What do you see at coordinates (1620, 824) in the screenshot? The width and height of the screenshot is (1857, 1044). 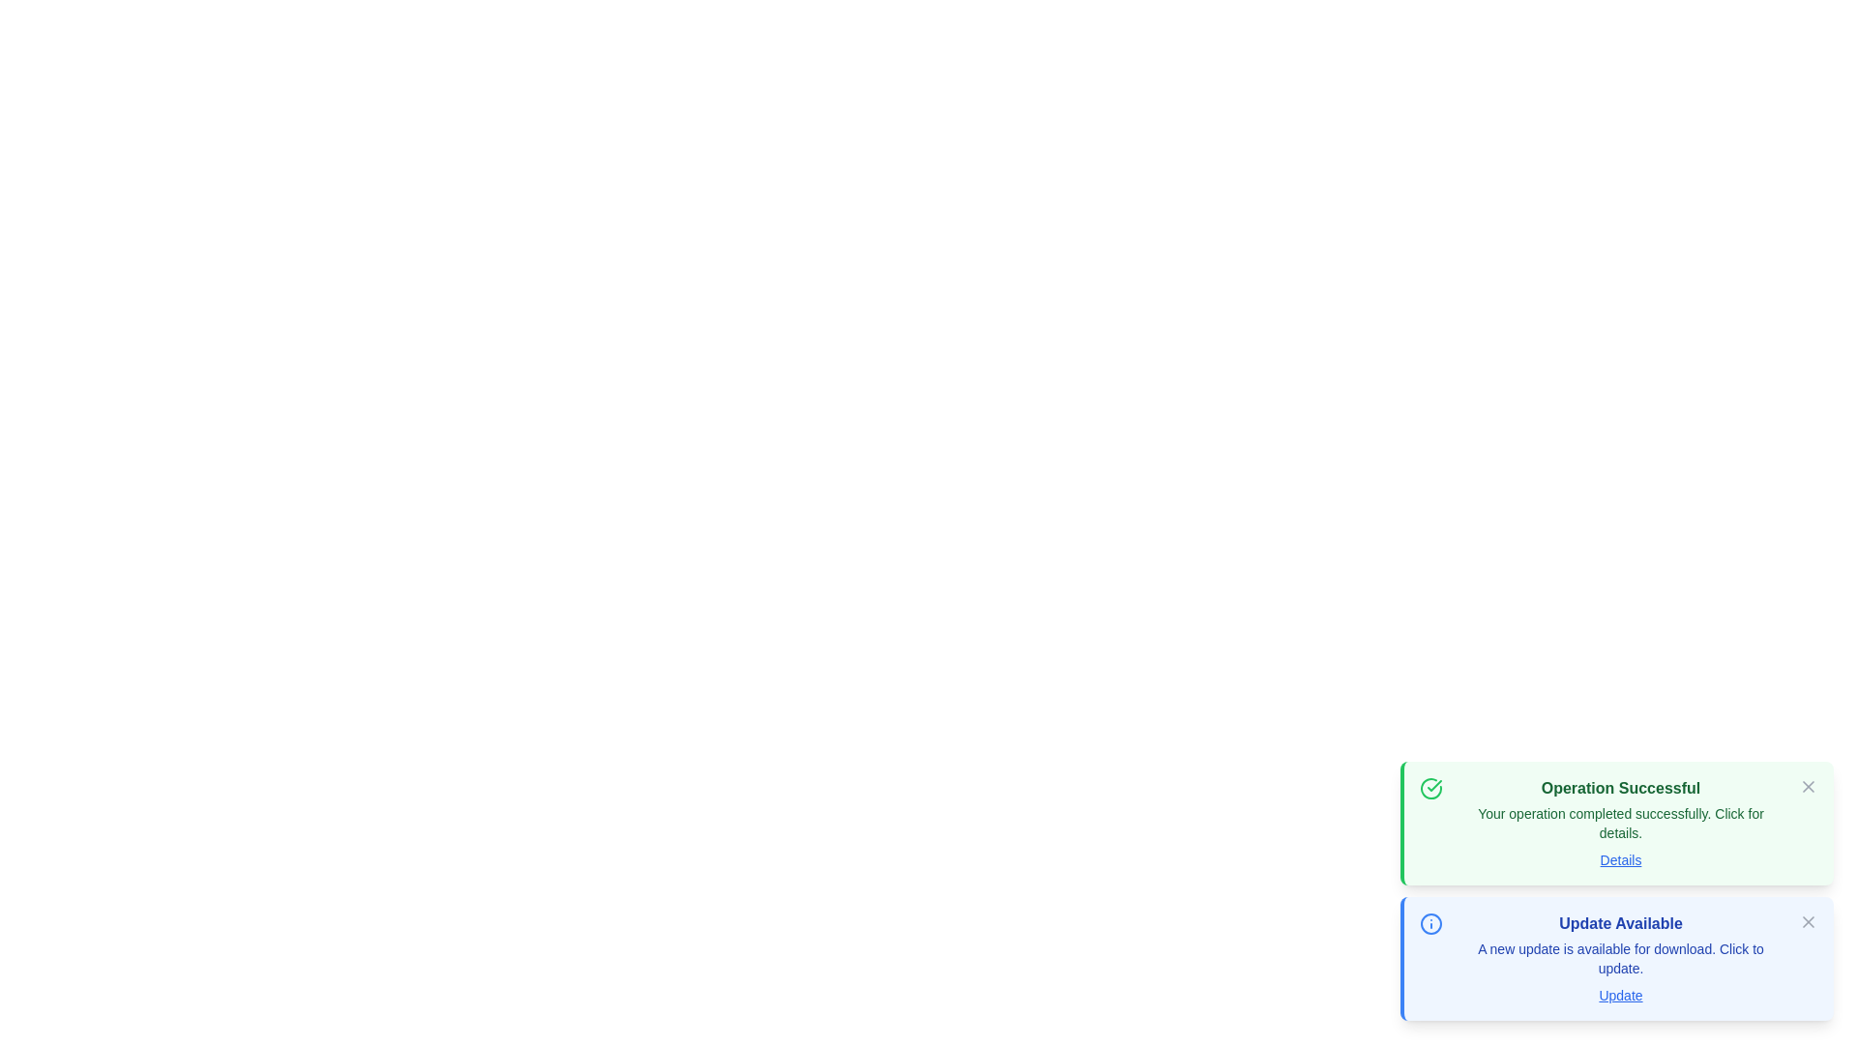 I see `the text element that conveys the completion of an operation, located below the 'Operation Successful' header and above the 'Details' link in the notification box` at bounding box center [1620, 824].